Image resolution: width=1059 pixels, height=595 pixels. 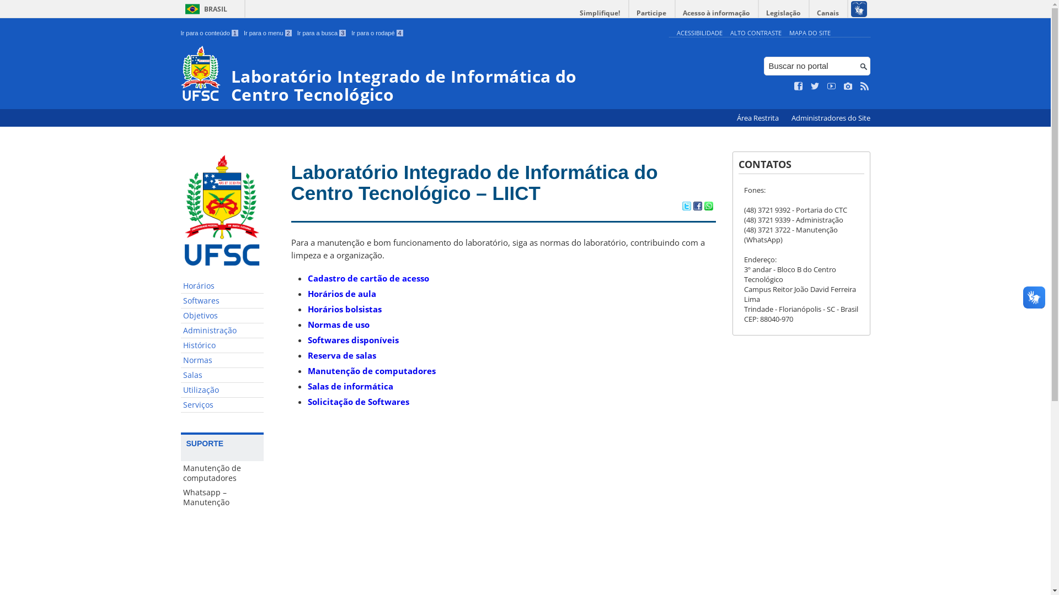 What do you see at coordinates (698, 32) in the screenshot?
I see `'ACESSIBILIDADE'` at bounding box center [698, 32].